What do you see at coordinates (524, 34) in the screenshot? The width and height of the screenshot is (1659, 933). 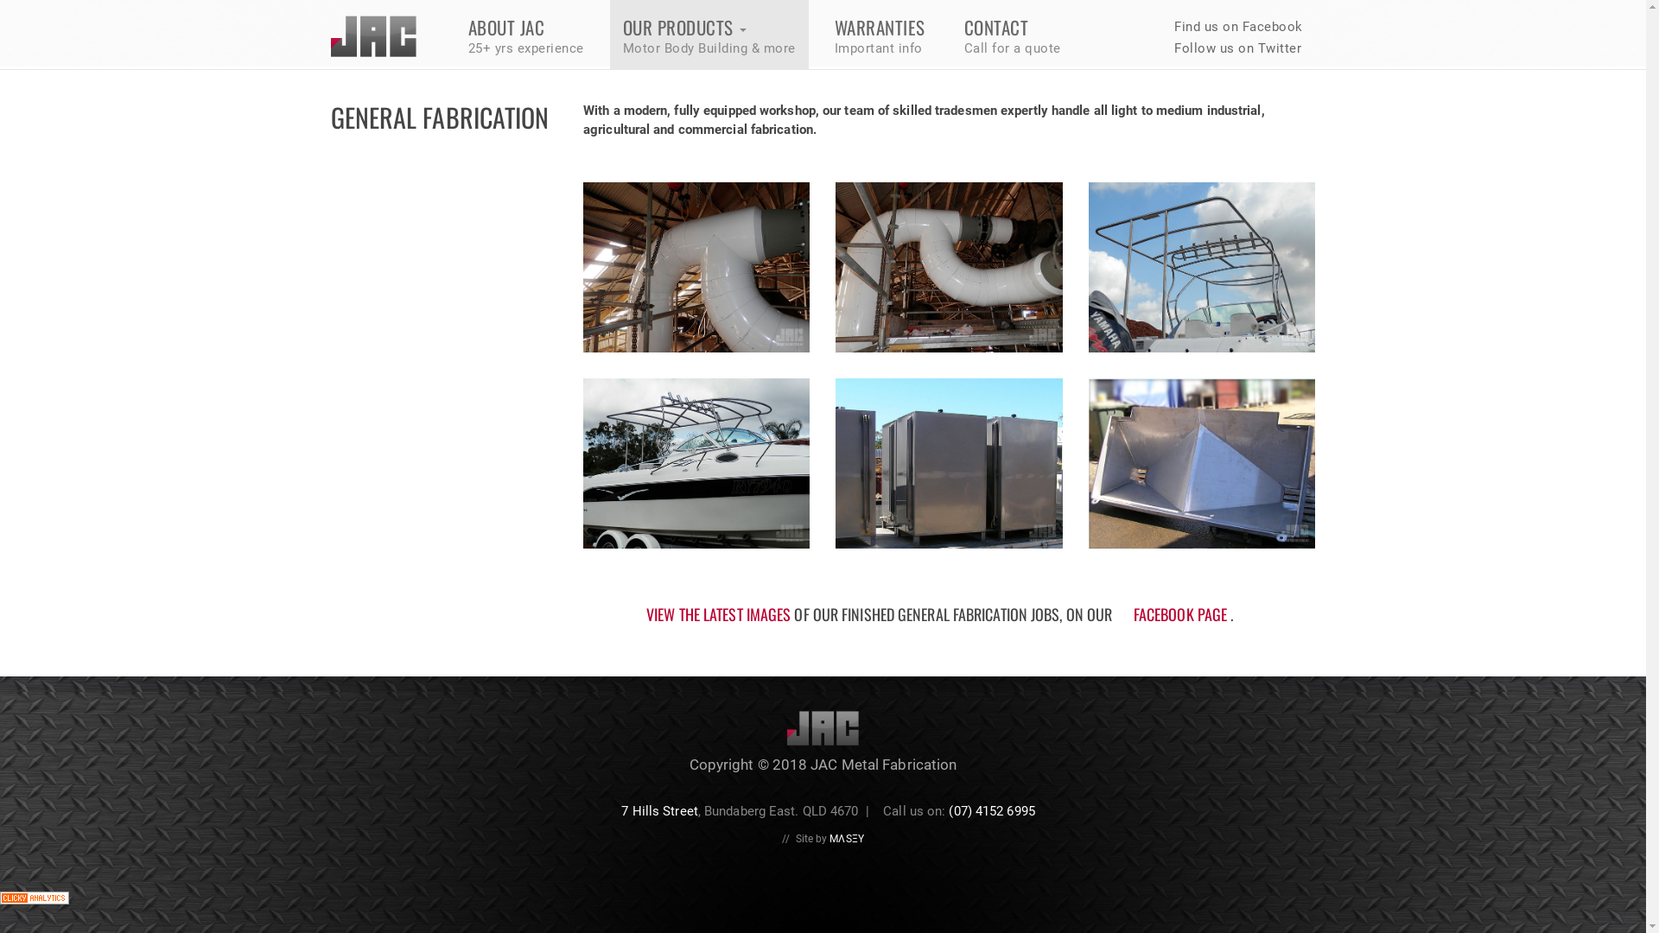 I see `'ABOUT JAC` at bounding box center [524, 34].